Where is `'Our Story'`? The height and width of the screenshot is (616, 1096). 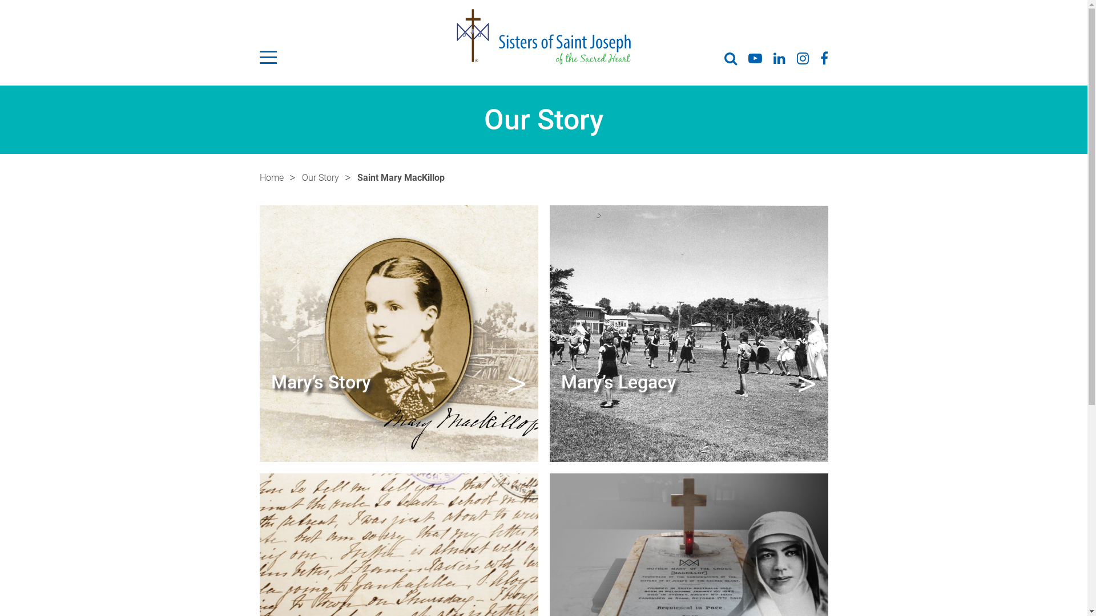
'Our Story' is located at coordinates (301, 178).